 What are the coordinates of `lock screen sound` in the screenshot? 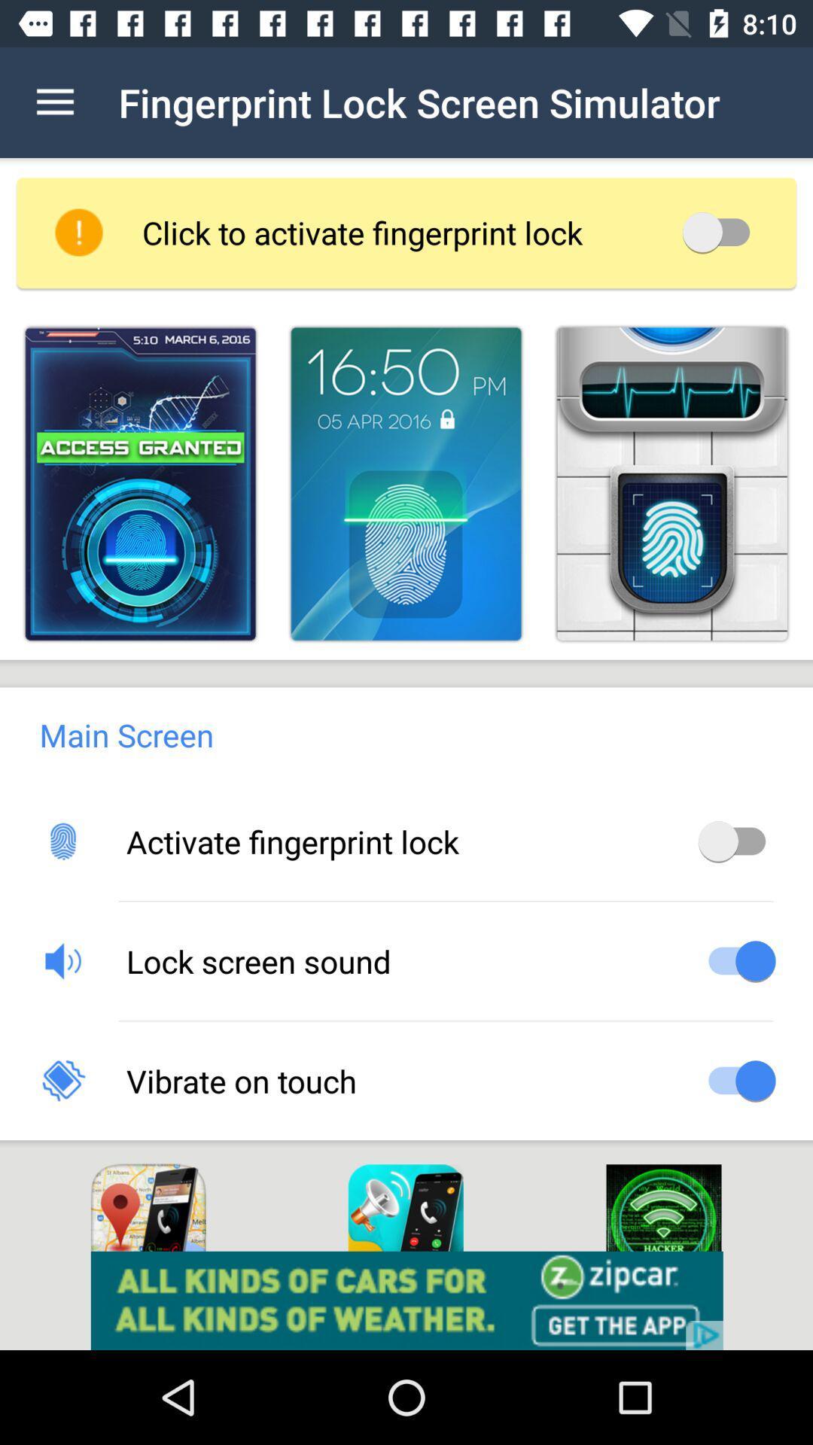 It's located at (736, 960).